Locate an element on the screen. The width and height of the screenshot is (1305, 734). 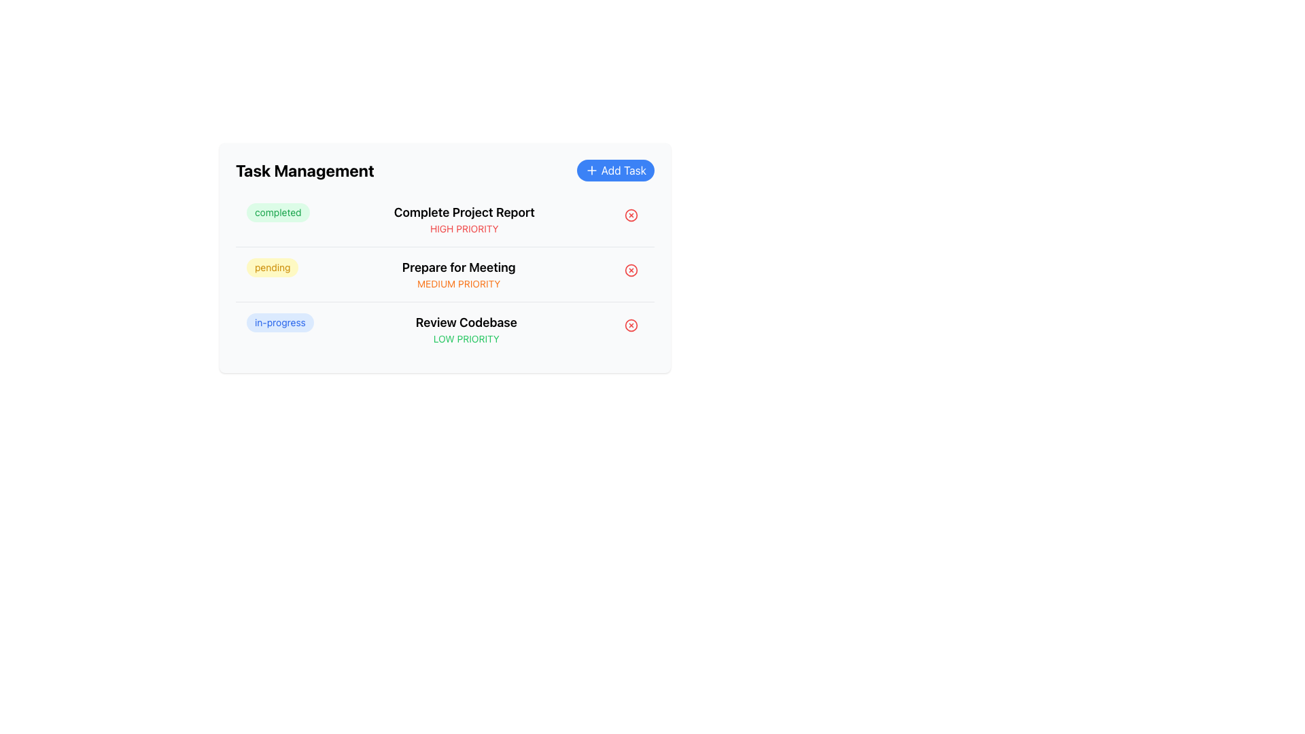
the text display labeled 'Review Codebase' indicating a low priority task in the 'in-progress' section of the task management system is located at coordinates (466, 330).